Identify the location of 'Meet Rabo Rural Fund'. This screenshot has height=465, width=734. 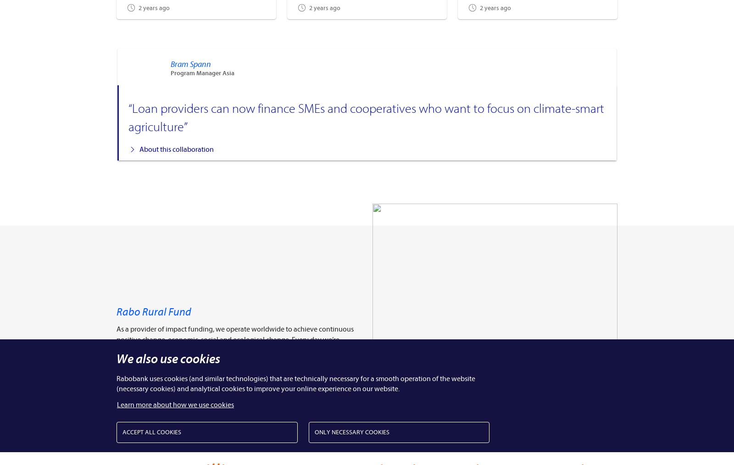
(165, 377).